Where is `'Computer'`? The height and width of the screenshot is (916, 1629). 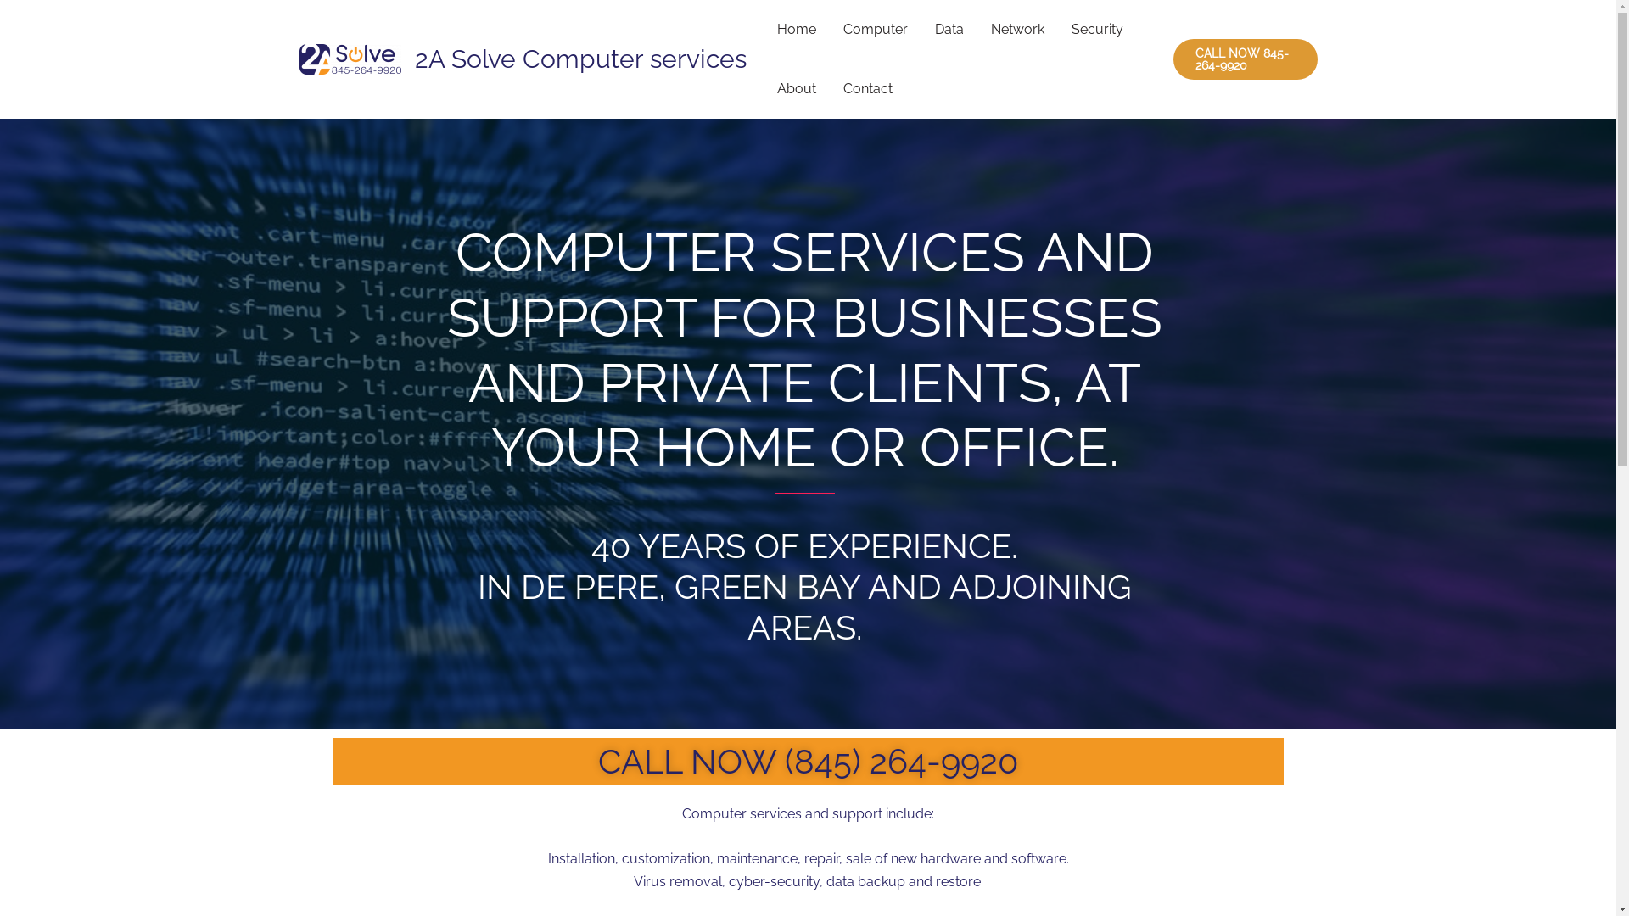 'Computer' is located at coordinates (876, 29).